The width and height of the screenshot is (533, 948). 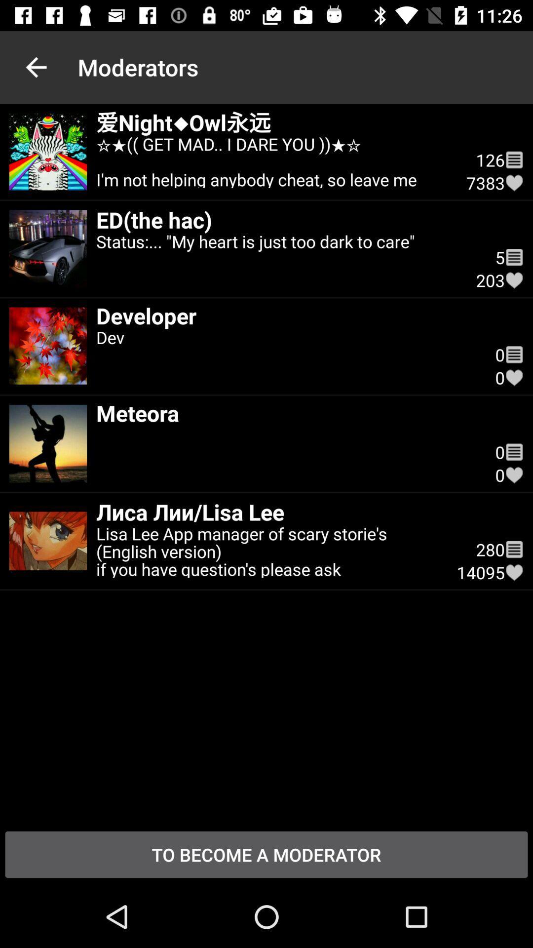 I want to click on icon next to the moderators app, so click(x=36, y=67).